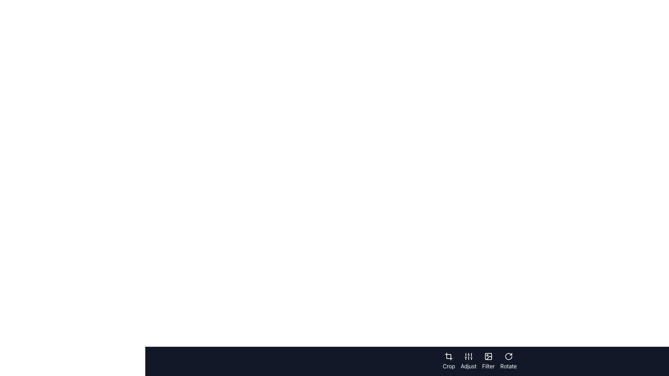 This screenshot has height=376, width=669. What do you see at coordinates (488, 356) in the screenshot?
I see `the icon button resembling a picture, located at the center of the bottom navigation bar above the 'Filter' label` at bounding box center [488, 356].